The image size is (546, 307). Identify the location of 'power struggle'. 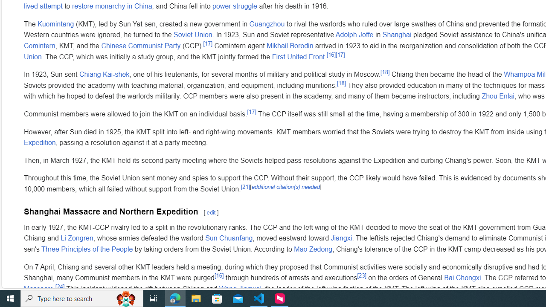
(235, 6).